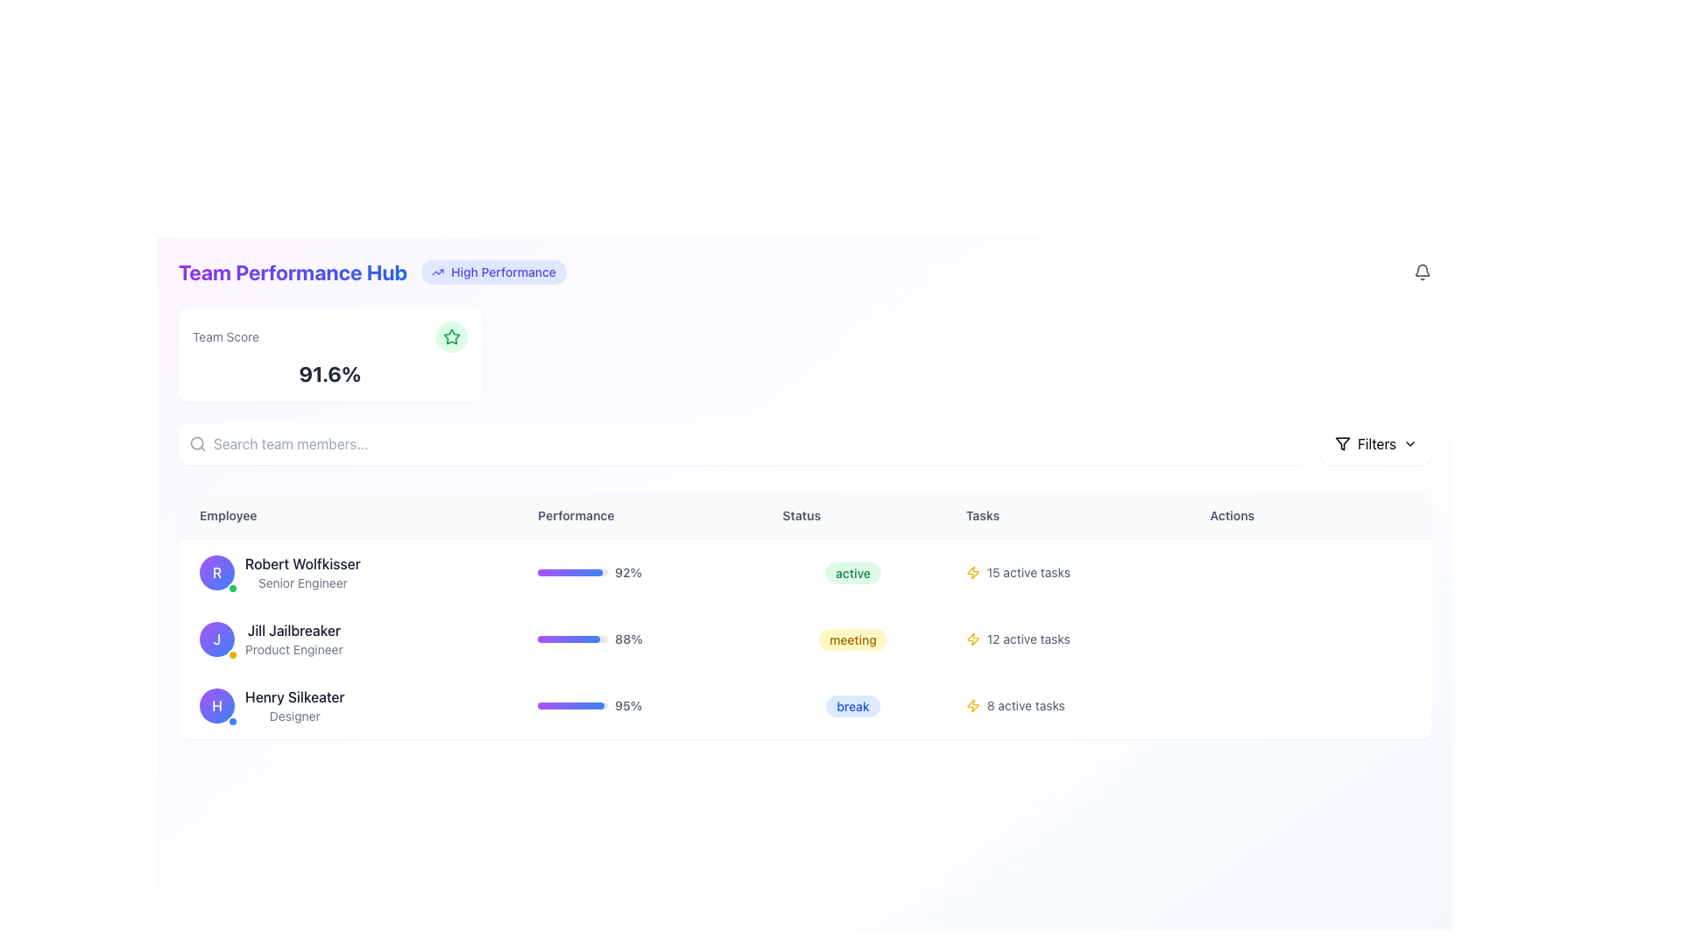 This screenshot has width=1682, height=946. Describe the element at coordinates (638, 639) in the screenshot. I see `the progress bar displaying '88%' for Jill Jailbreaker` at that location.